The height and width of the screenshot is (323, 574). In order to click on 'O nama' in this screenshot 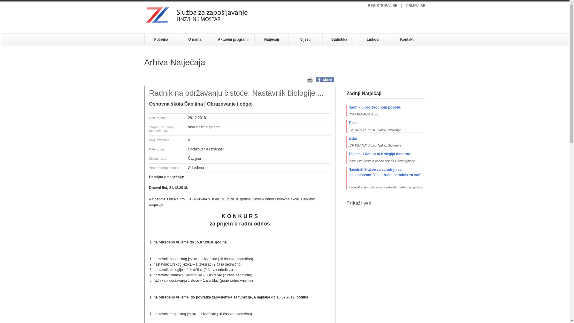, I will do `click(195, 39)`.